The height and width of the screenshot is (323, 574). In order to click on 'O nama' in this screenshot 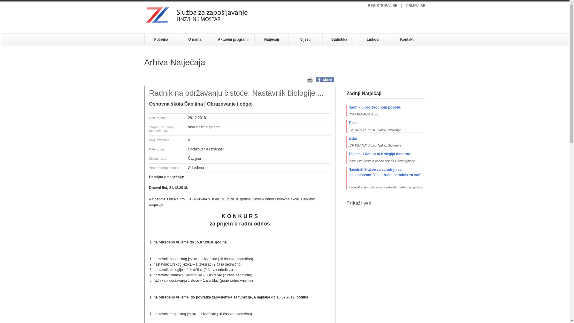, I will do `click(195, 39)`.